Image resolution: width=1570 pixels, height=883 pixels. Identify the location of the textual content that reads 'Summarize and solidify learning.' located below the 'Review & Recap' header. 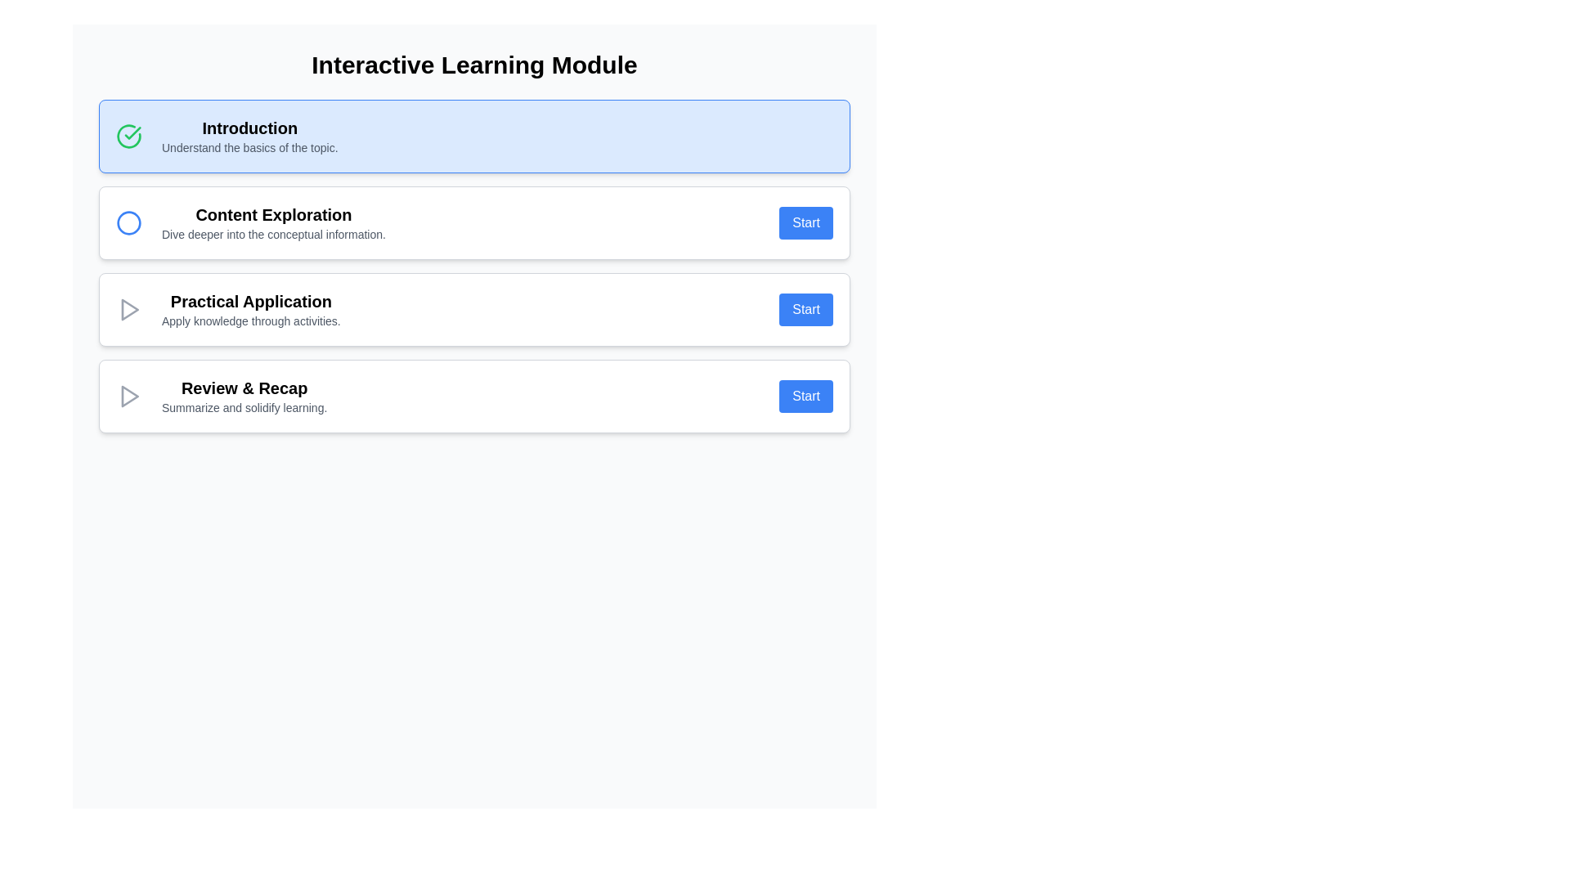
(244, 406).